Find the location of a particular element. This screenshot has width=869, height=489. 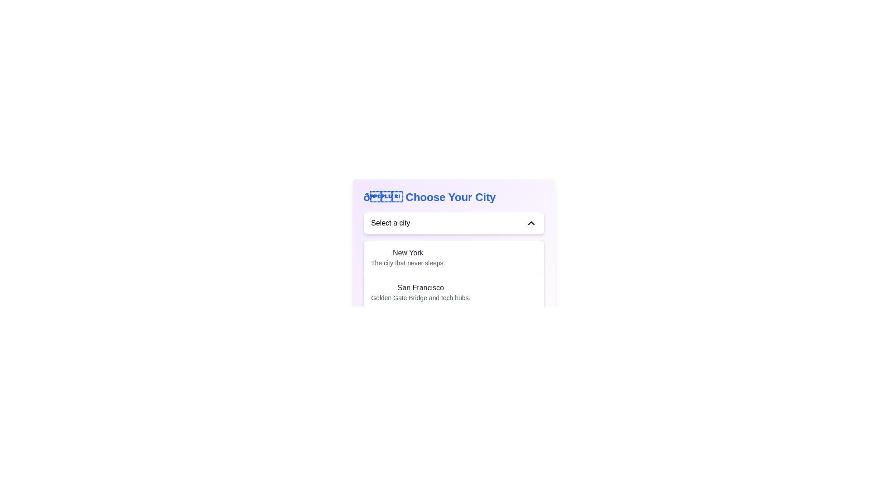

title text labeled '🌍 Choose Your City', which is styled in a large, bold blue font and is centrally placed at the top of the layout above the dropdown selection is located at coordinates (454, 197).